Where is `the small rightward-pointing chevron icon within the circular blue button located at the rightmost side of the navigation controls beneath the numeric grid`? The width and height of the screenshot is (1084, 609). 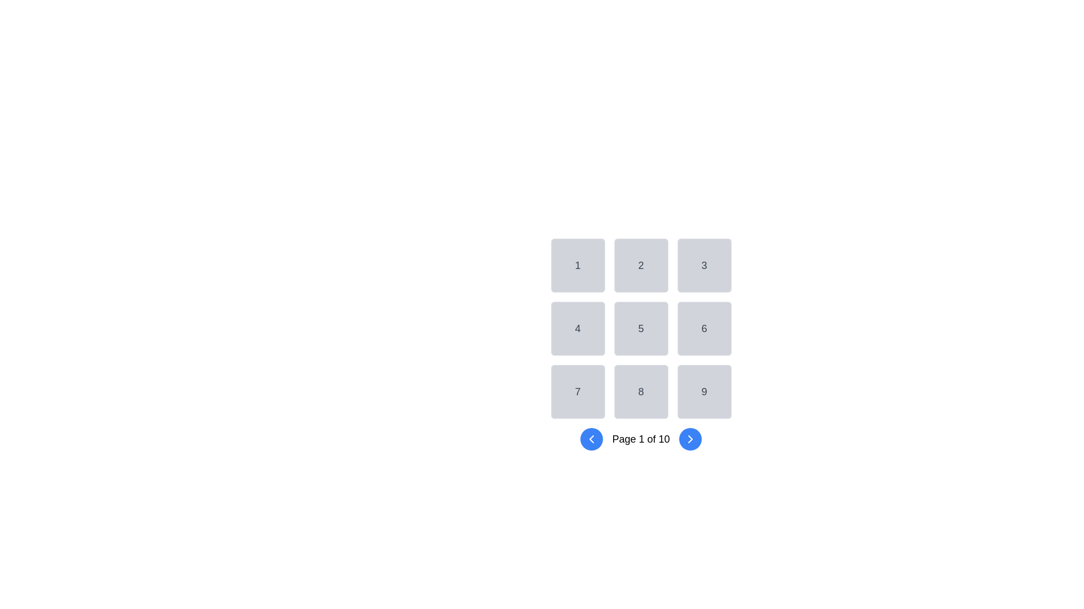 the small rightward-pointing chevron icon within the circular blue button located at the rightmost side of the navigation controls beneath the numeric grid is located at coordinates (689, 439).